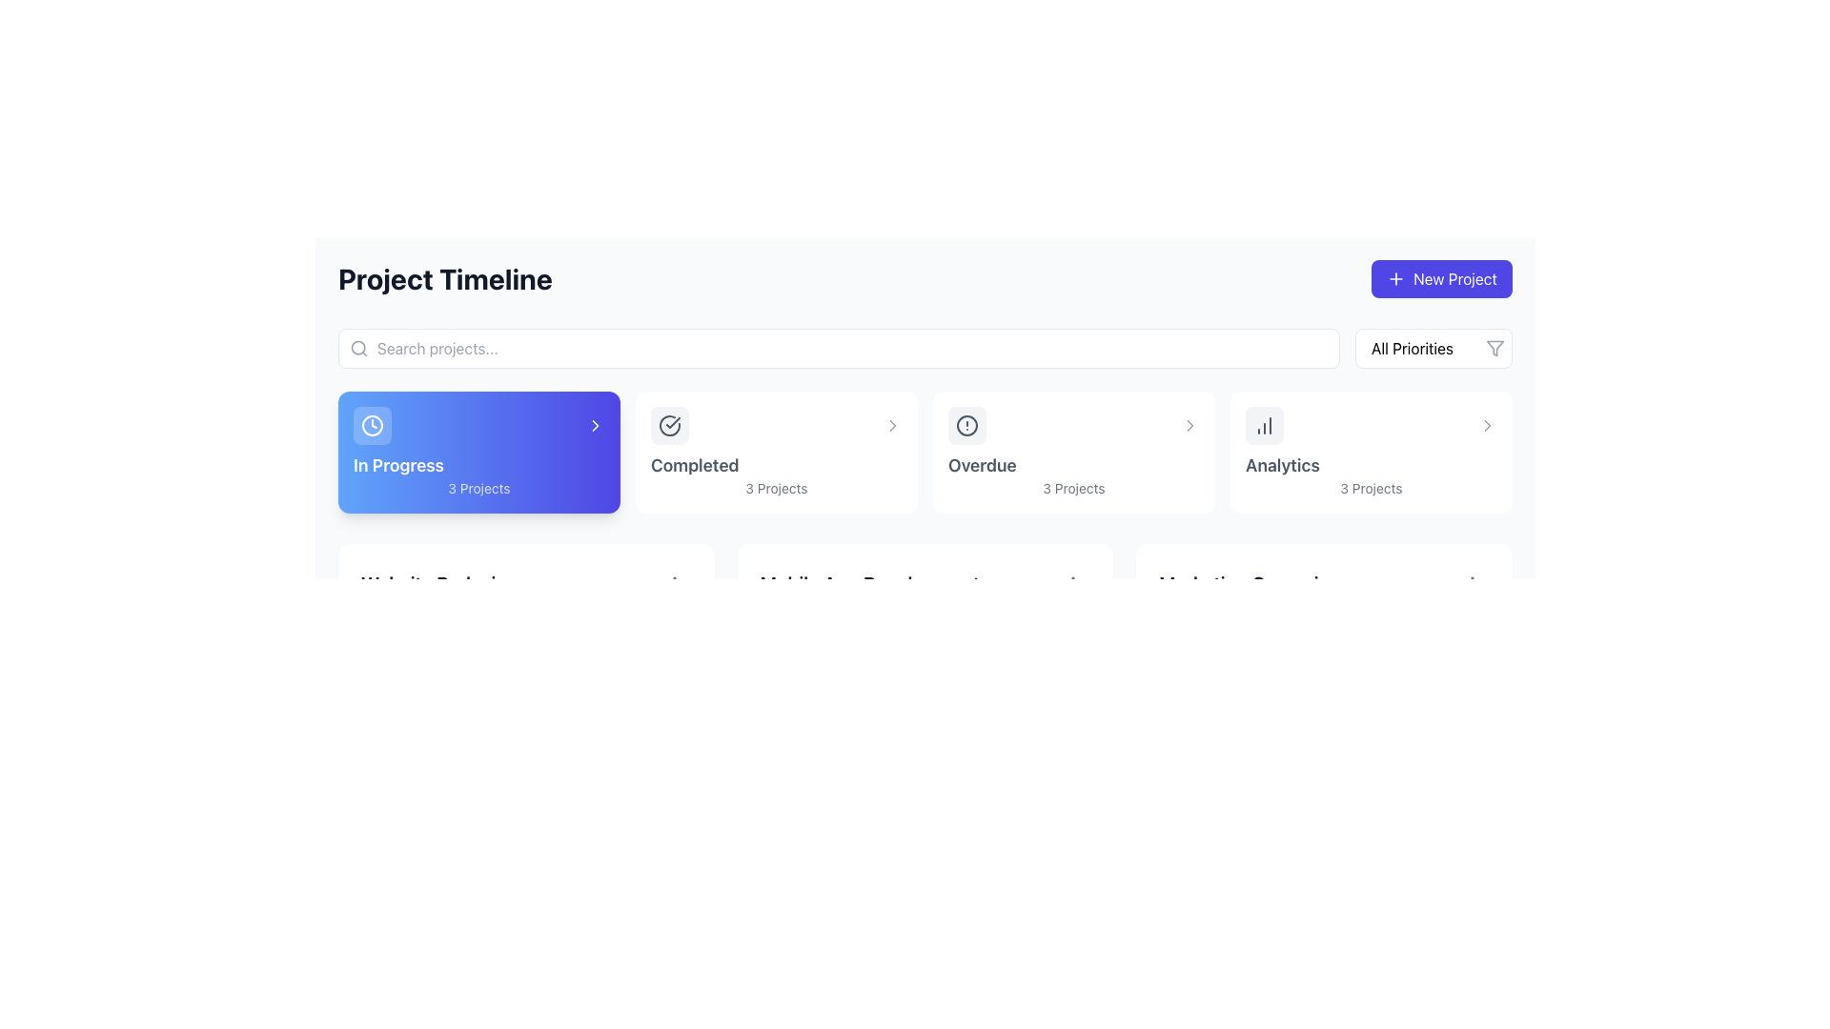  I want to click on the first interactive card in the group that summarizes 'In Progress' projects, so click(479, 452).